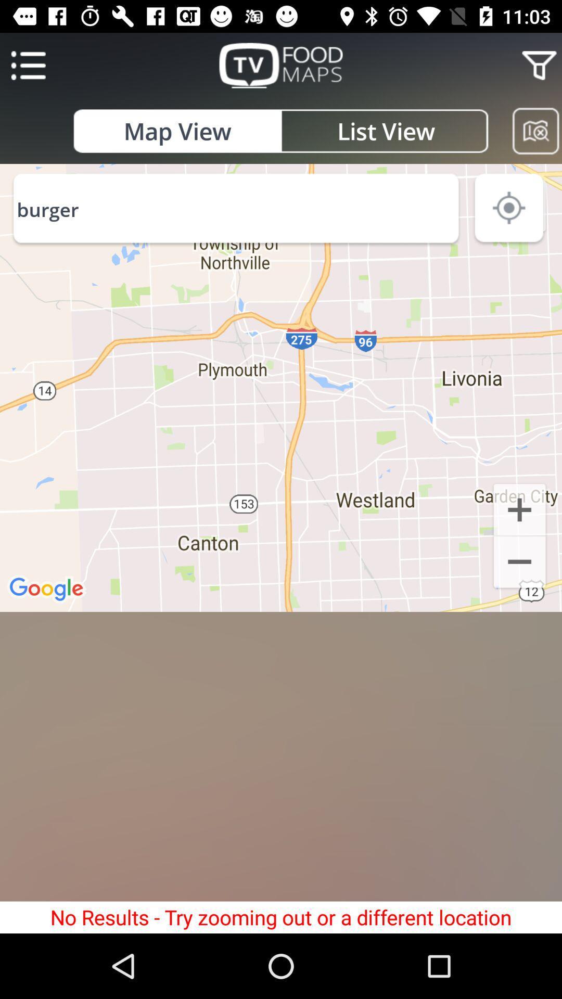 The width and height of the screenshot is (562, 999). I want to click on the add icon, so click(519, 509).